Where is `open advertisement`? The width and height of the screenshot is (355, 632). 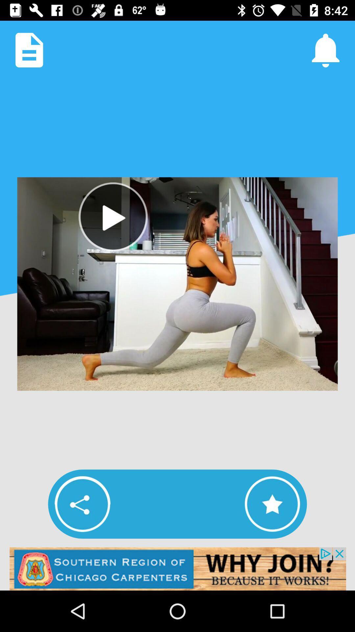 open advertisement is located at coordinates (177, 568).